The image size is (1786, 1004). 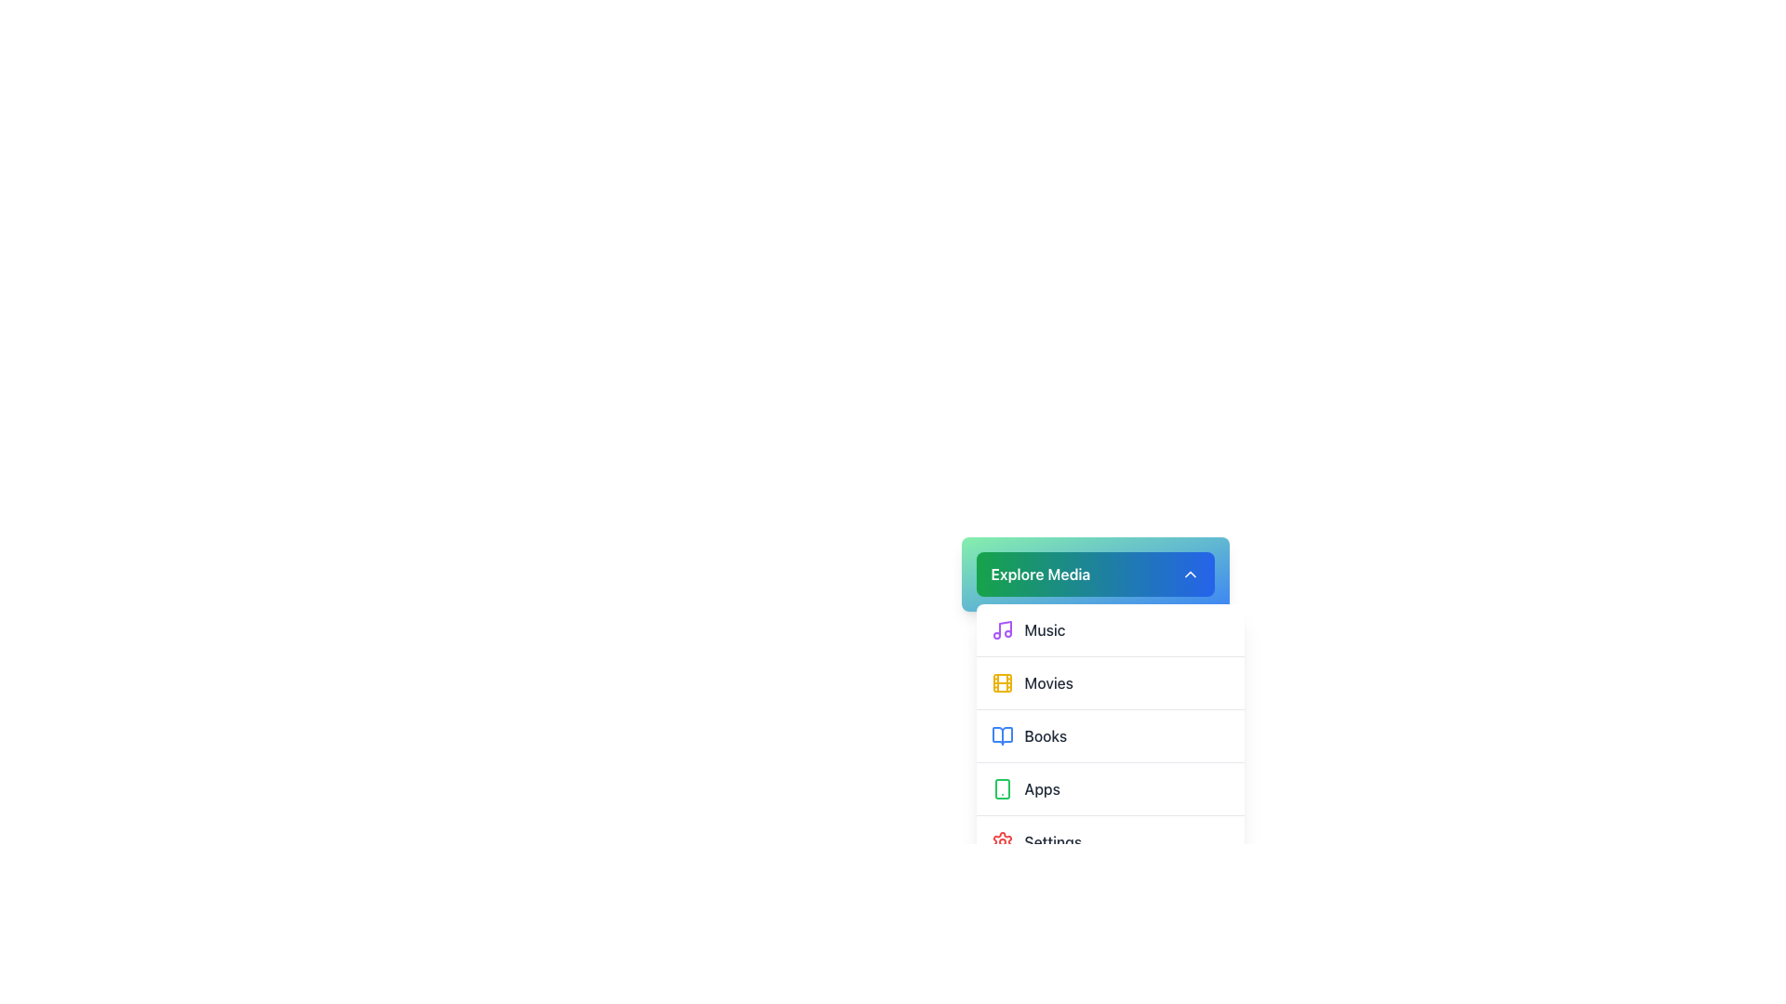 What do you see at coordinates (1189, 573) in the screenshot?
I see `the upward-pointing chevron icon located at the upper-right corner of the 'Explore Media' button` at bounding box center [1189, 573].